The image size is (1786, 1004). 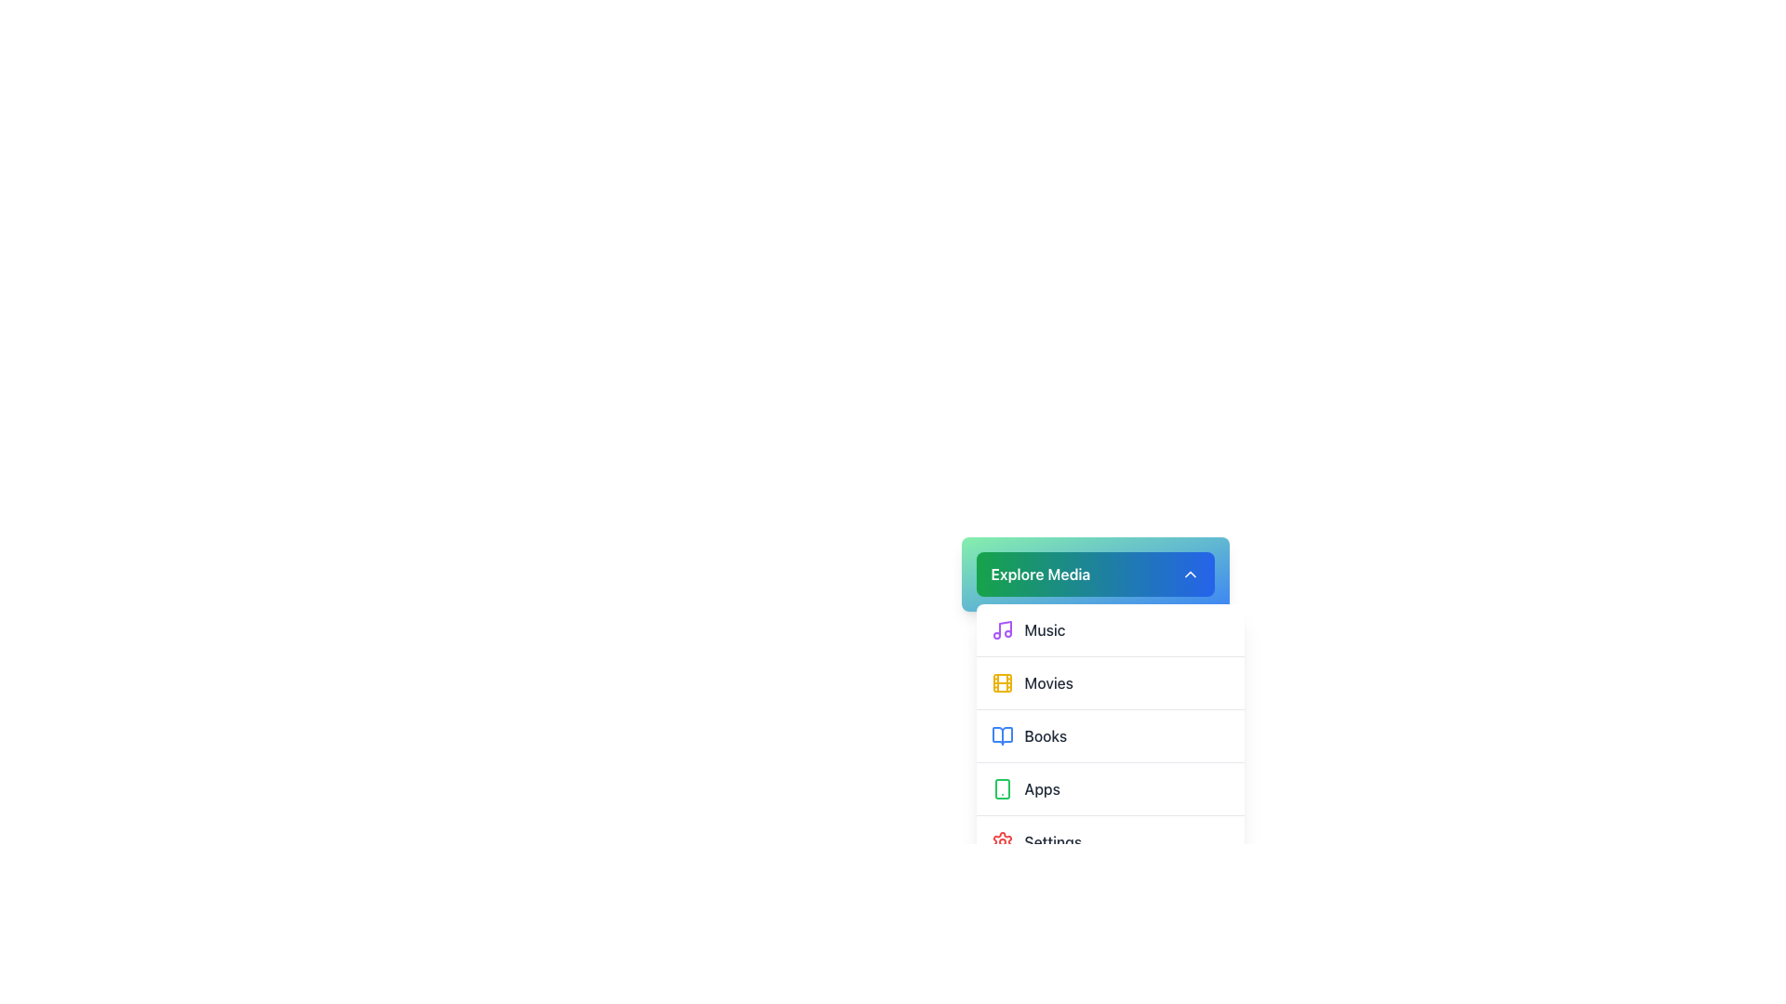 What do you see at coordinates (1189, 573) in the screenshot?
I see `the upward-pointing chevron icon located at the upper-right corner of the 'Explore Media' button` at bounding box center [1189, 573].